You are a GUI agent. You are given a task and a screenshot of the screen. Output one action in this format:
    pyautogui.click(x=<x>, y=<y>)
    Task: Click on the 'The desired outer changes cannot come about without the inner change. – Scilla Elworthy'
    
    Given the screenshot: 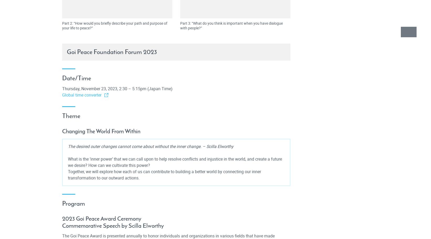 What is the action you would take?
    pyautogui.click(x=150, y=146)
    